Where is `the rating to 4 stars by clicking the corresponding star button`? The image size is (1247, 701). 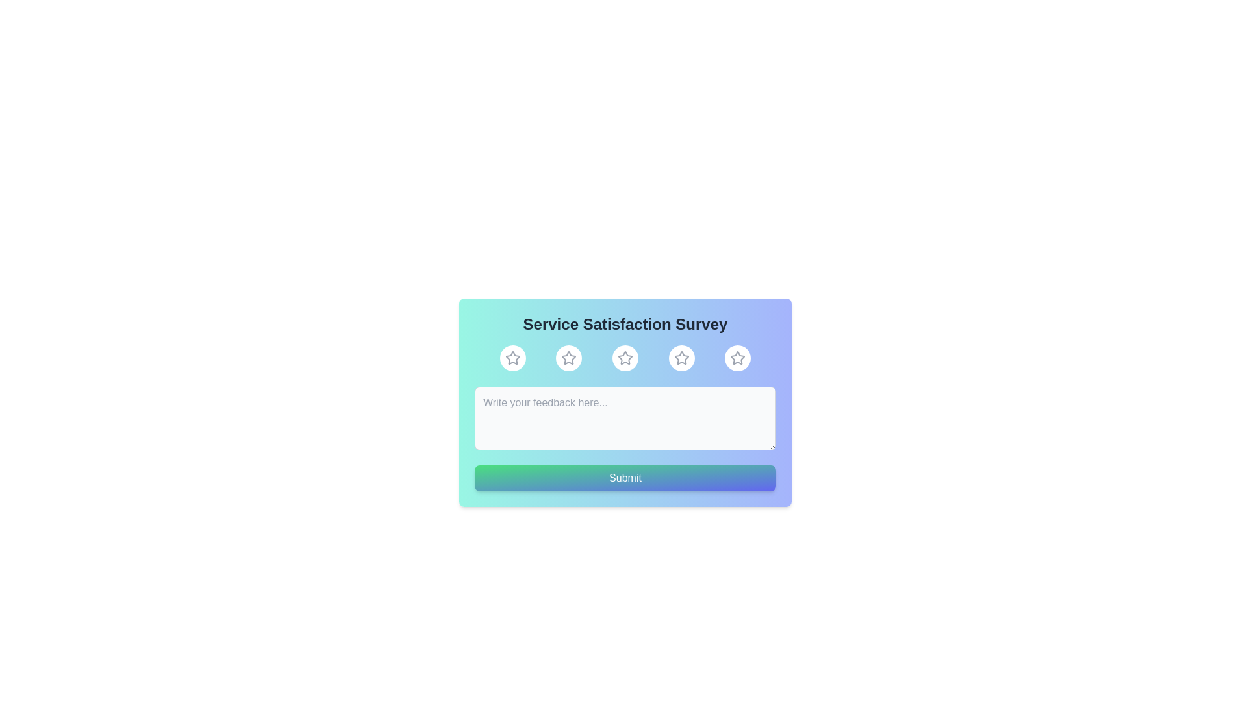 the rating to 4 stars by clicking the corresponding star button is located at coordinates (681, 358).